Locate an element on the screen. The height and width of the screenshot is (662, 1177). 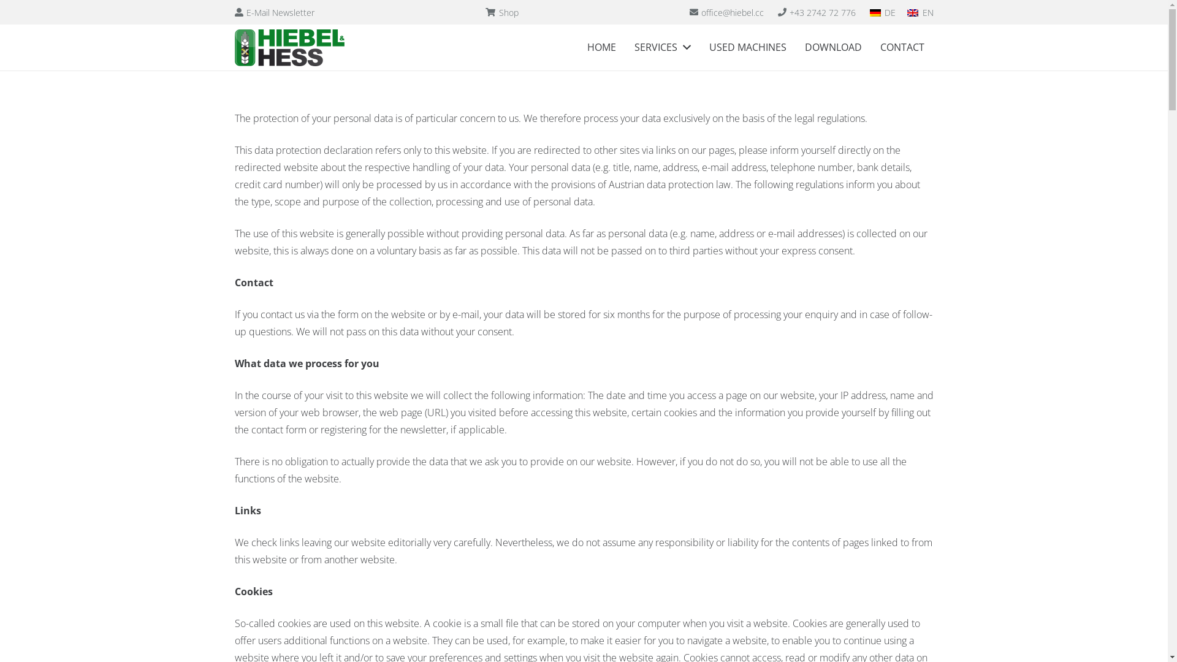
'EN' is located at coordinates (920, 12).